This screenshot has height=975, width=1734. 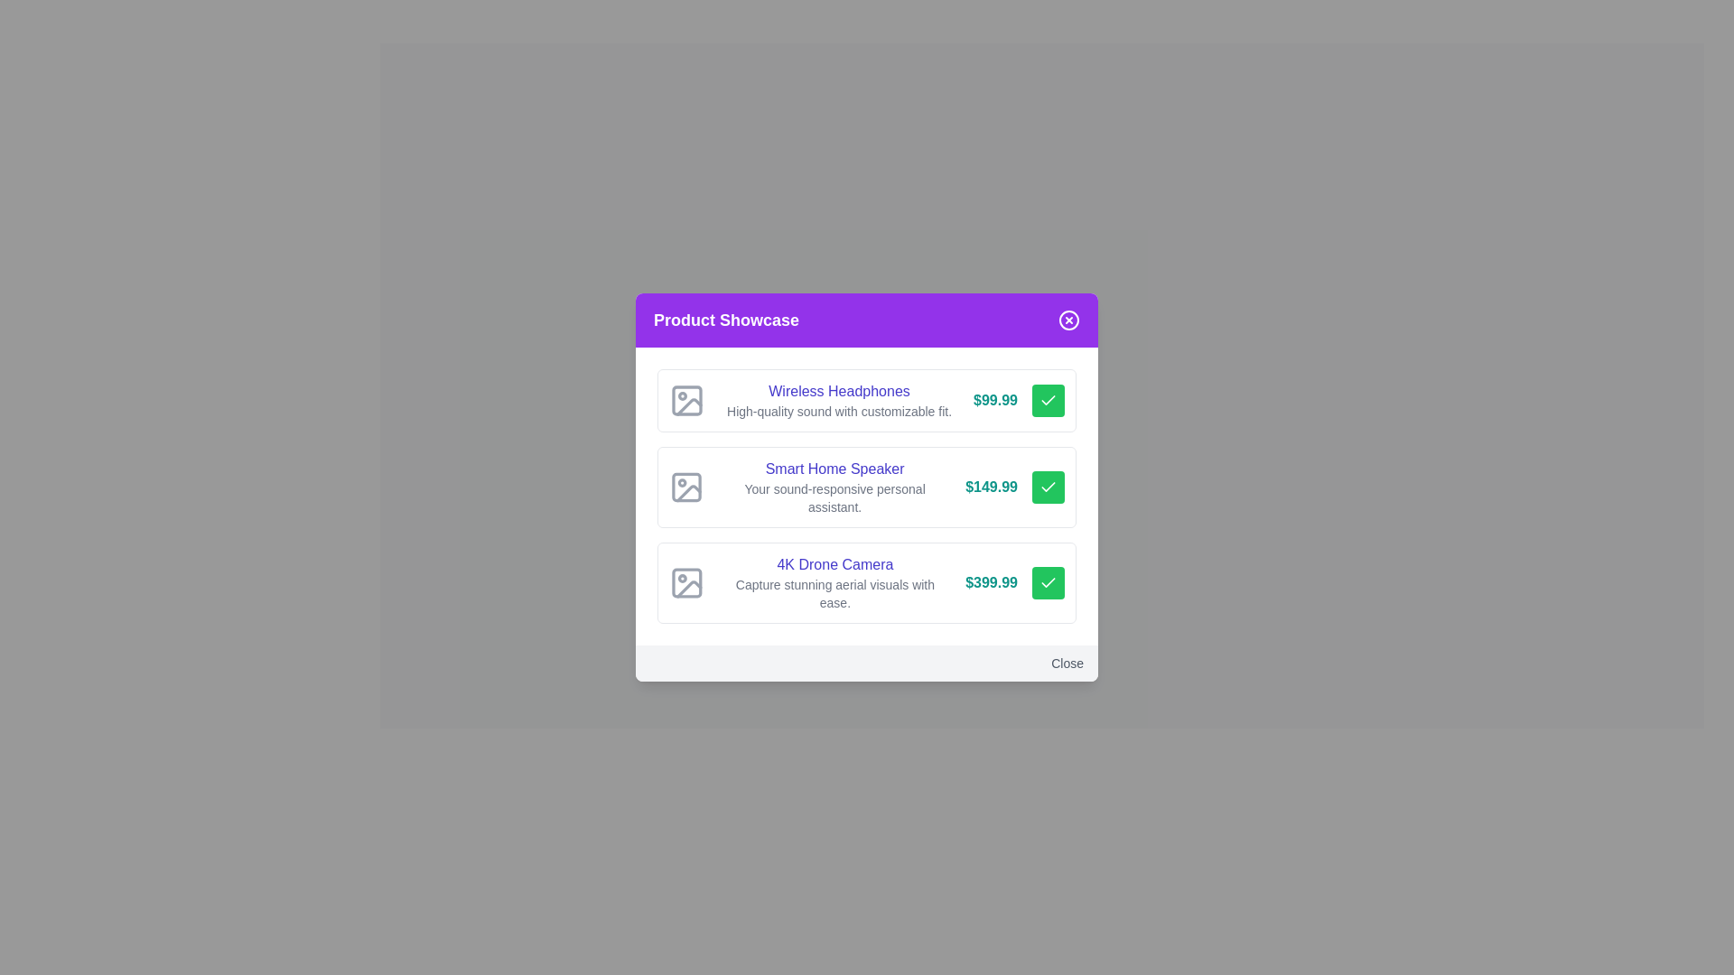 What do you see at coordinates (685, 487) in the screenshot?
I see `the SVG Rectangle Graphic that serves as the base rectangle within the SVG illustration for the picture icon located in the second row of the item list, aligning to the left side` at bounding box center [685, 487].